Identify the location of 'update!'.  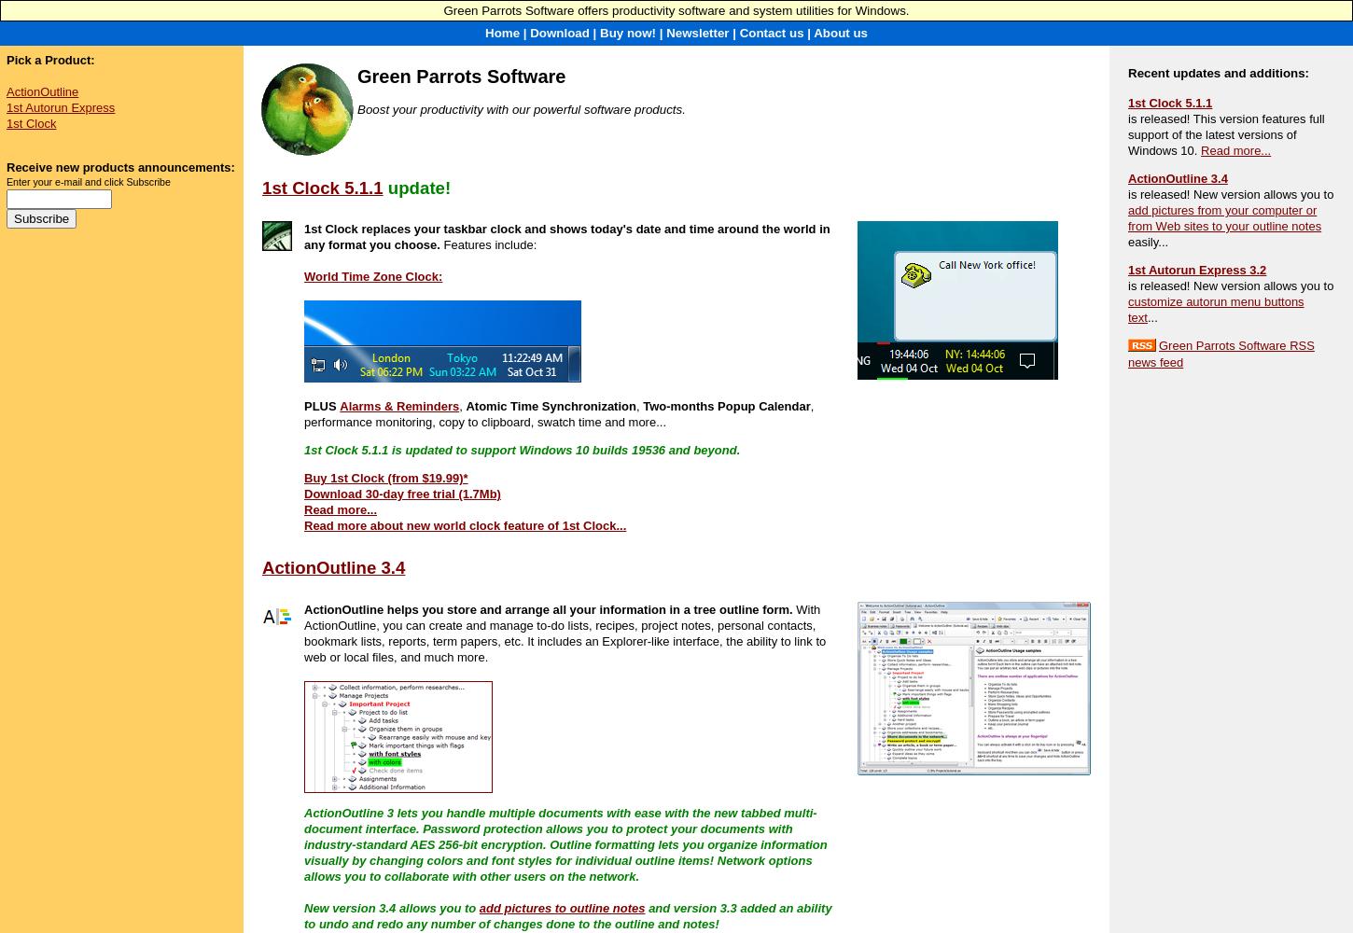
(418, 186).